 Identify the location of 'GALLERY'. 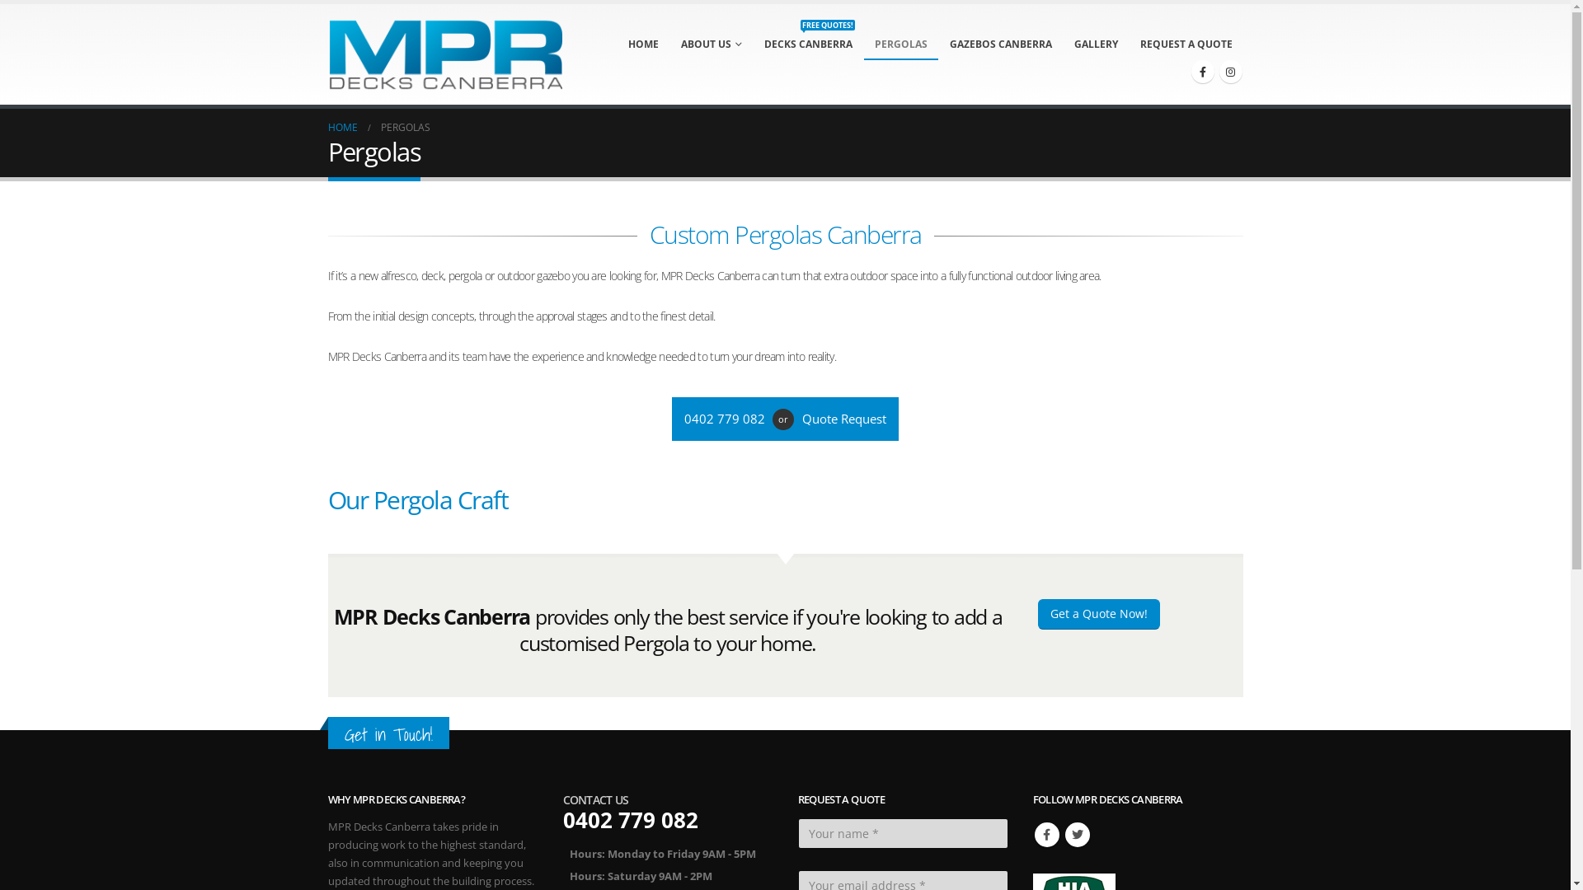
(1064, 43).